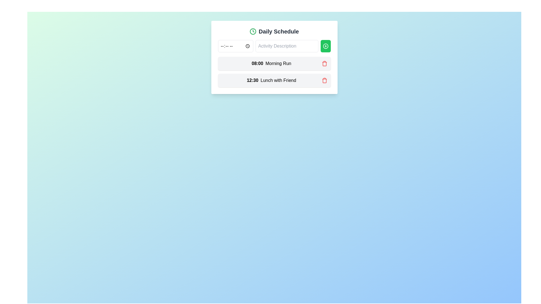 The width and height of the screenshot is (541, 304). What do you see at coordinates (271, 63) in the screenshot?
I see `the Text Label displaying the time and title of the scheduled activity '08:00Morning Run'` at bounding box center [271, 63].